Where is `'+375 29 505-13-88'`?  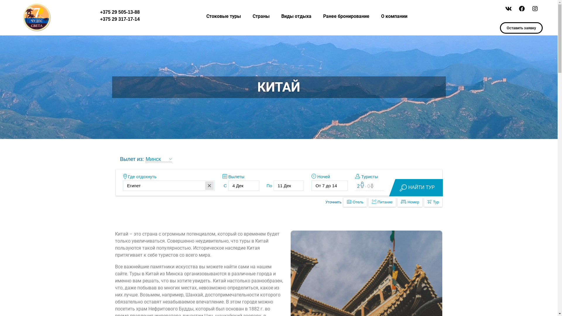
'+375 29 505-13-88' is located at coordinates (100, 12).